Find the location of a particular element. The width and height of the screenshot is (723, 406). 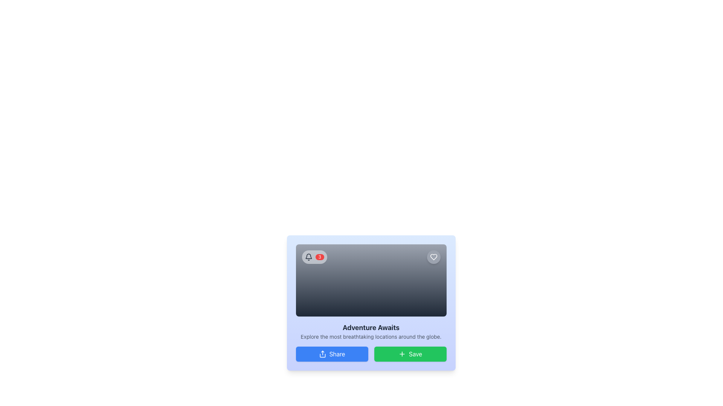

the text element that reads 'Explore the most breathtaking locations around the globe.', which is styled with a small font size and gray color, located below 'Adventure Awaits' is located at coordinates (371, 336).